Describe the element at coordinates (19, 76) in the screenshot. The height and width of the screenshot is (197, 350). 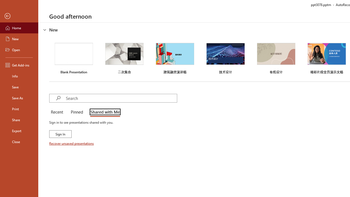
I see `'Info'` at that location.